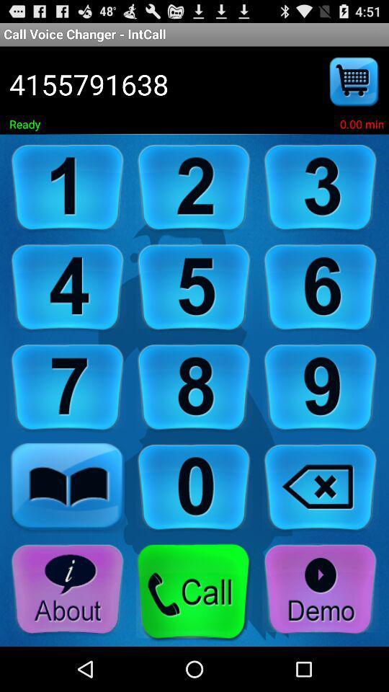 The image size is (389, 692). What do you see at coordinates (67, 387) in the screenshot?
I see `click on number seven` at bounding box center [67, 387].